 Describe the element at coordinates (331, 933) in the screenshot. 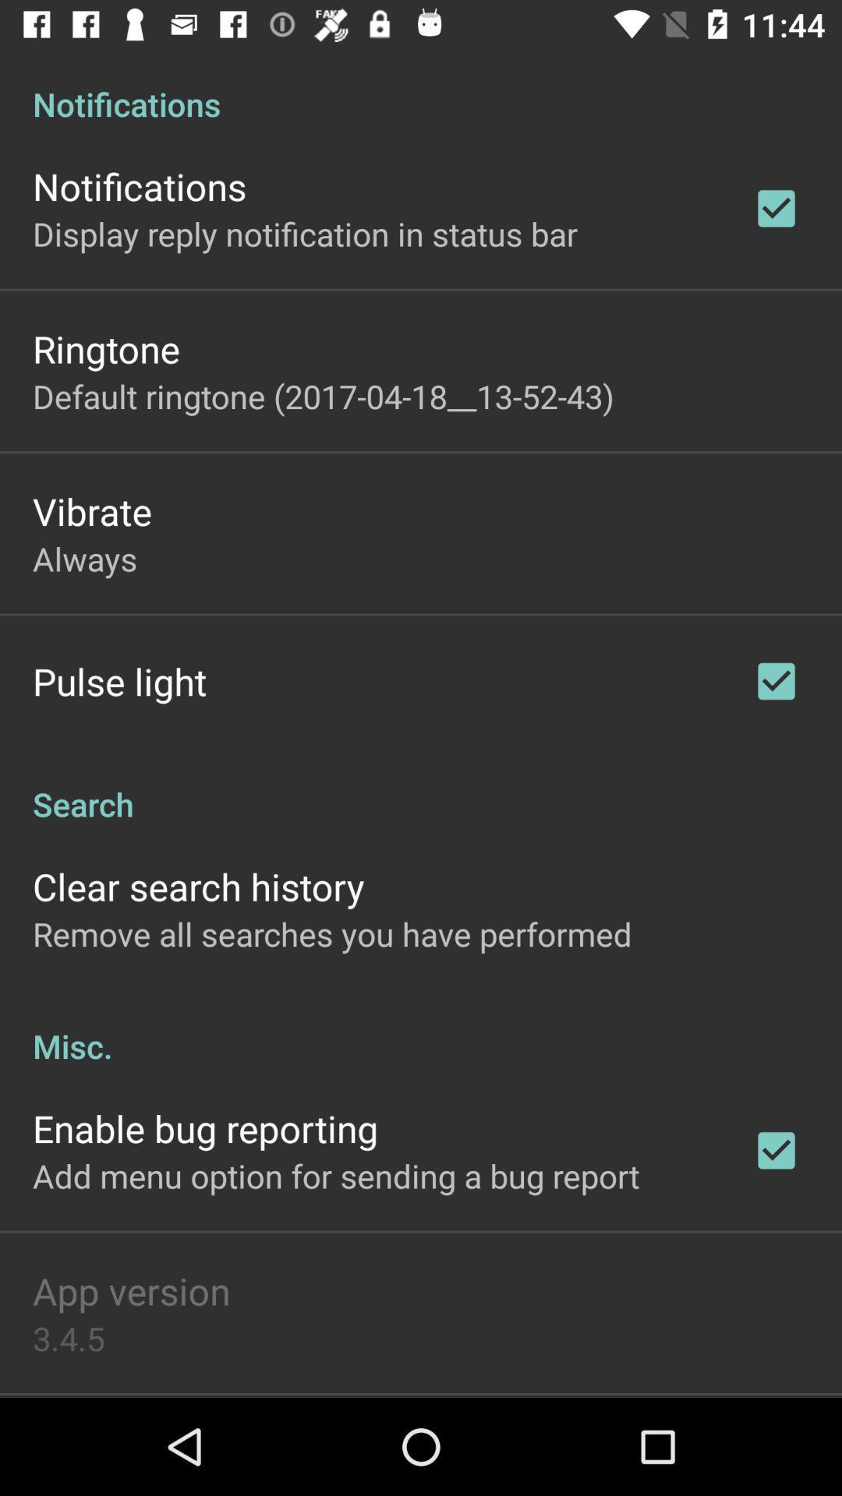

I see `the icon above misc. icon` at that location.